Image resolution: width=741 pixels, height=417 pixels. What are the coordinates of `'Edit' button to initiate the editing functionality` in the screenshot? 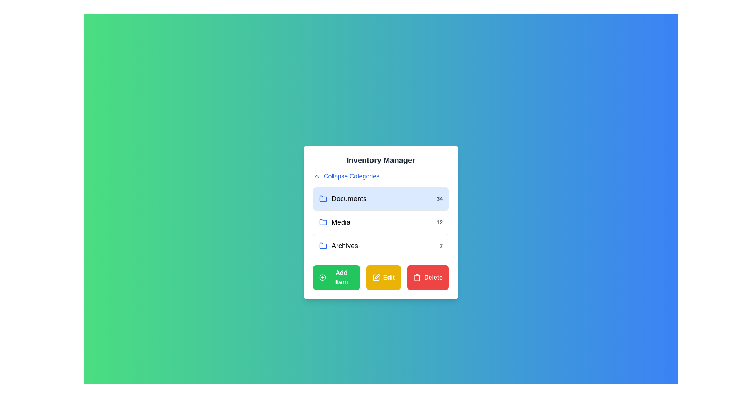 It's located at (383, 277).